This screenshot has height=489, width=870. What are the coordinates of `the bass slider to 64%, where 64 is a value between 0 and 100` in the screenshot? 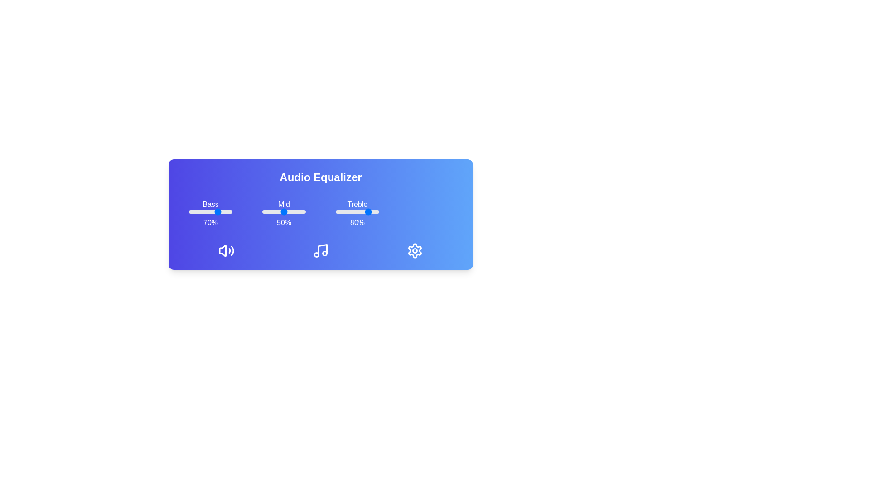 It's located at (216, 211).